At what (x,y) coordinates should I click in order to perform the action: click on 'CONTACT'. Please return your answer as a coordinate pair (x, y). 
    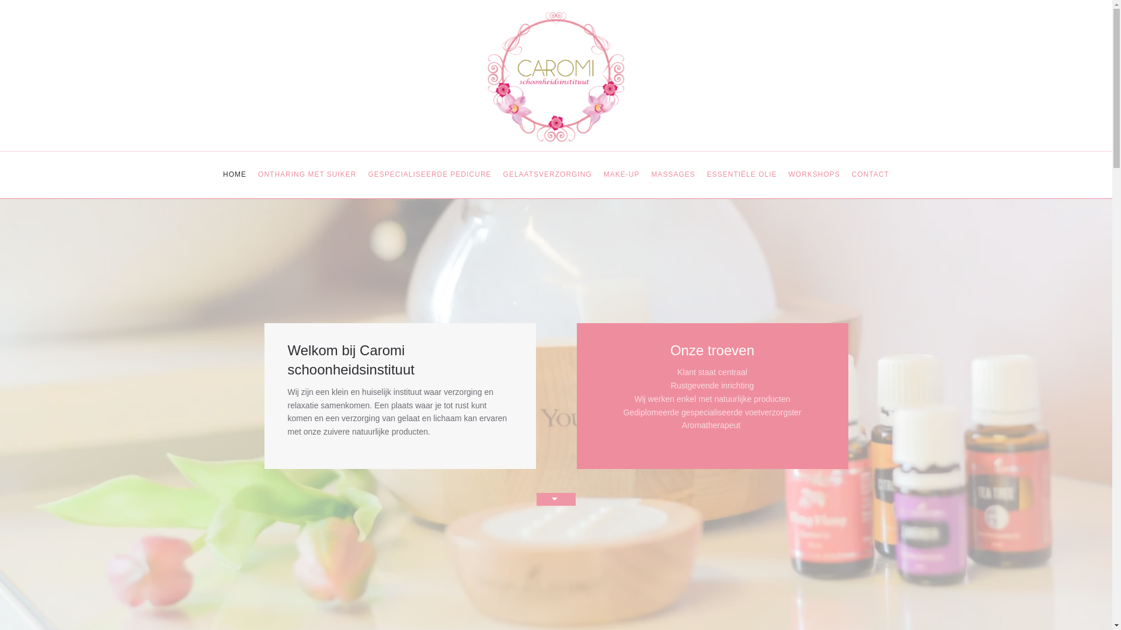
    Looking at the image, I should click on (871, 175).